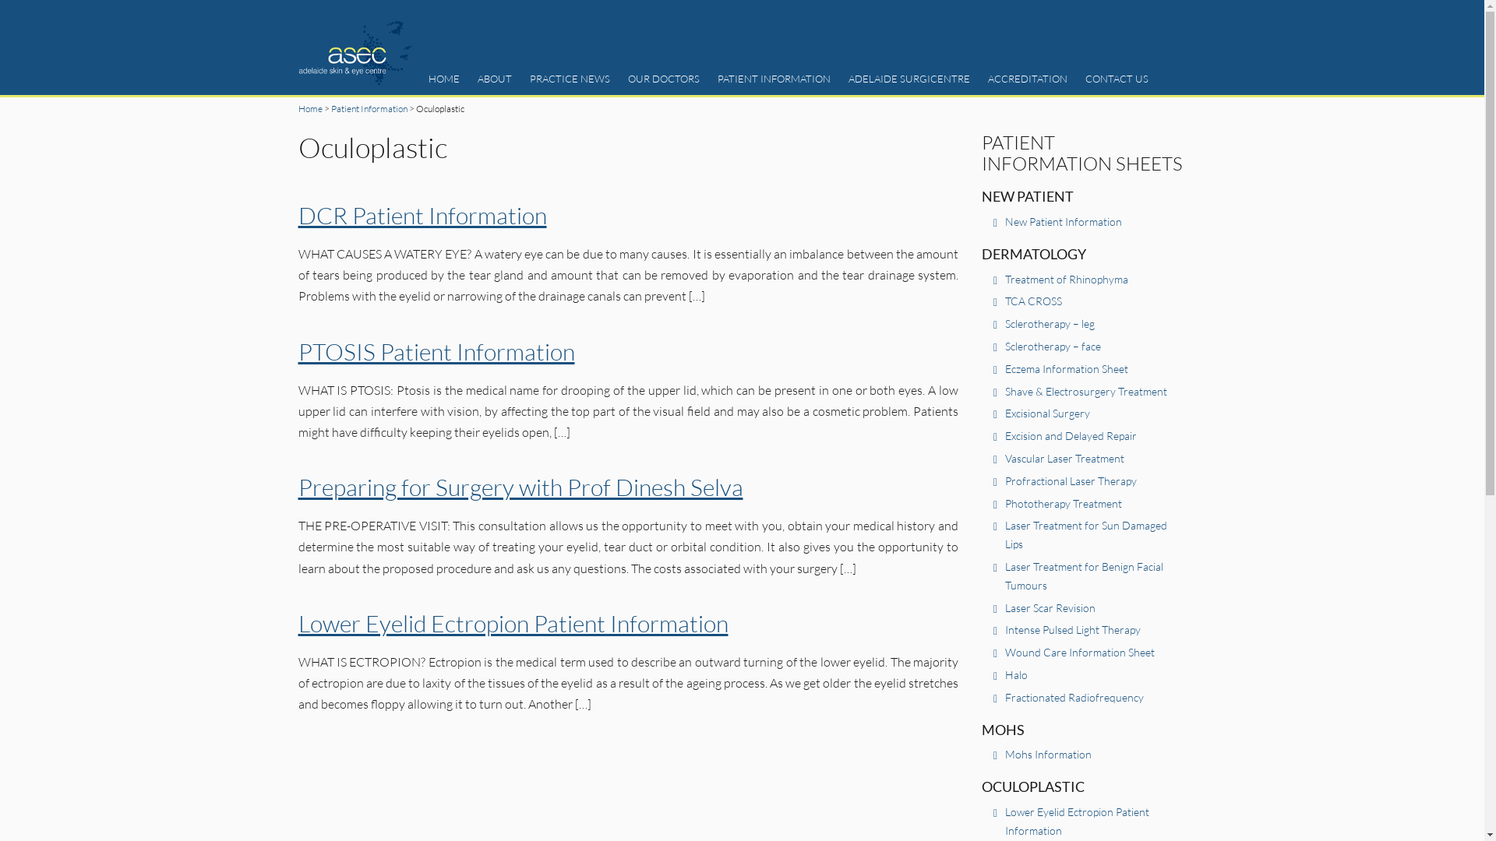 Image resolution: width=1496 pixels, height=841 pixels. Describe the element at coordinates (1005, 503) in the screenshot. I see `'Phototherapy Treatment'` at that location.